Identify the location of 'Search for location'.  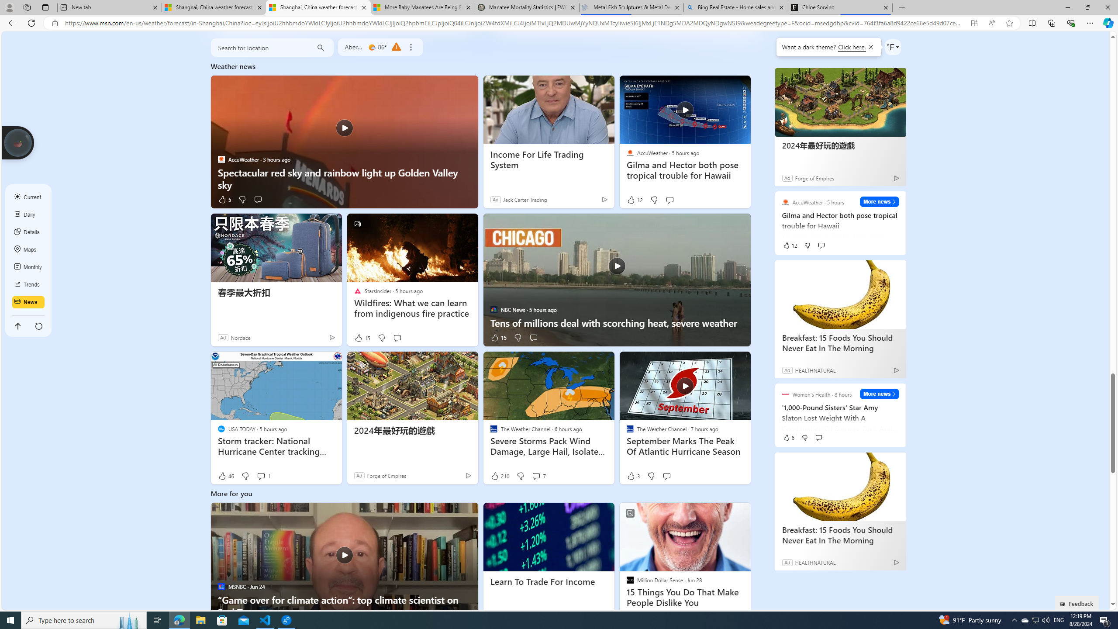
(259, 47).